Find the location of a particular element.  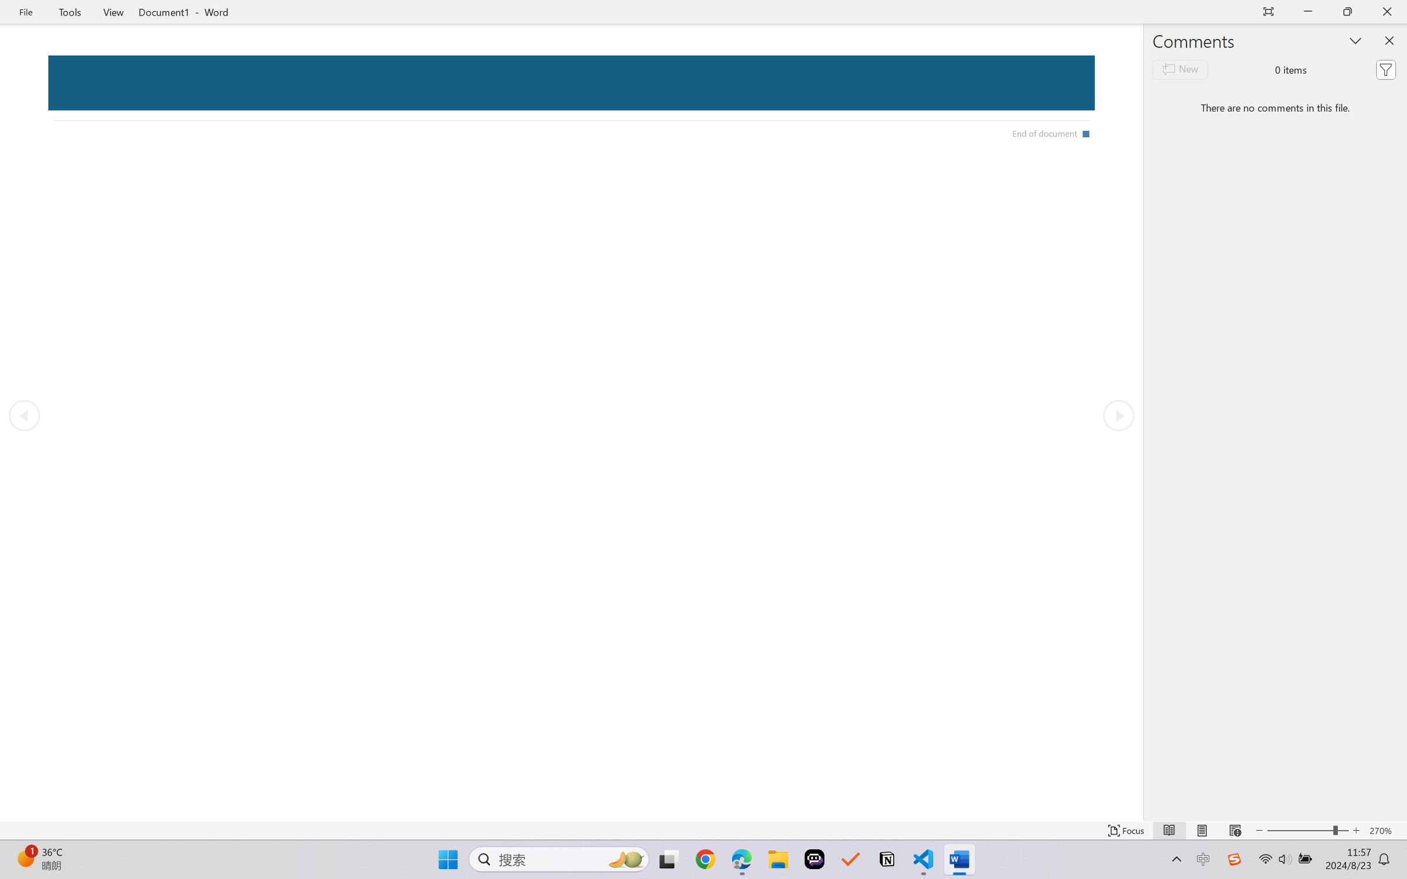

'Tools' is located at coordinates (70, 12).